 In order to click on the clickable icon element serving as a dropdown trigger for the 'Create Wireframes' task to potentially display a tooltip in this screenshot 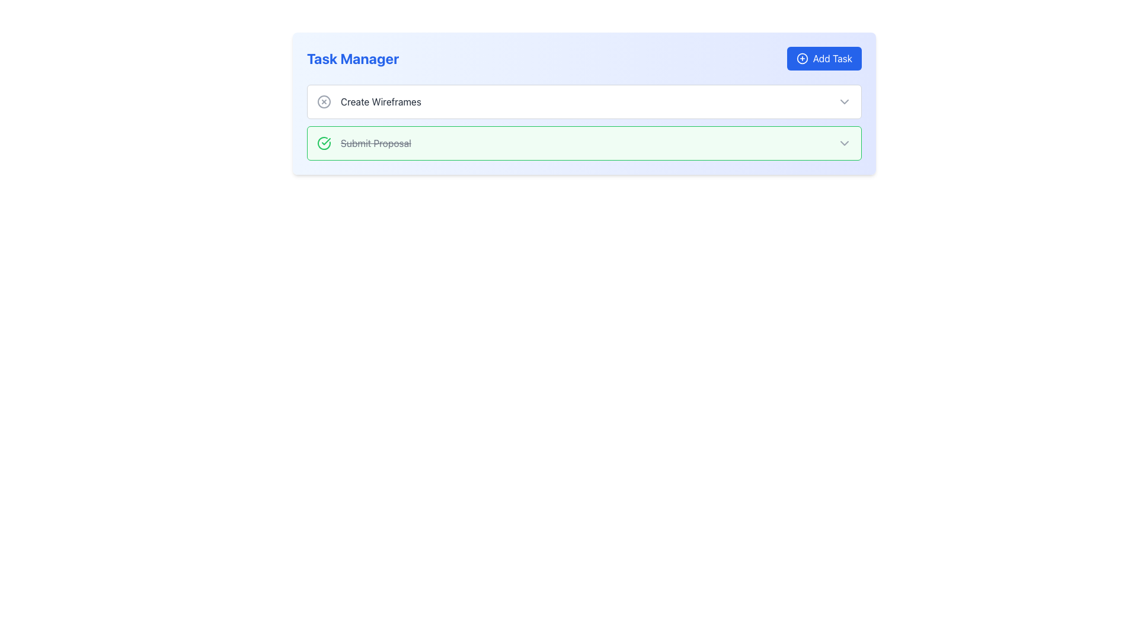, I will do `click(844, 101)`.